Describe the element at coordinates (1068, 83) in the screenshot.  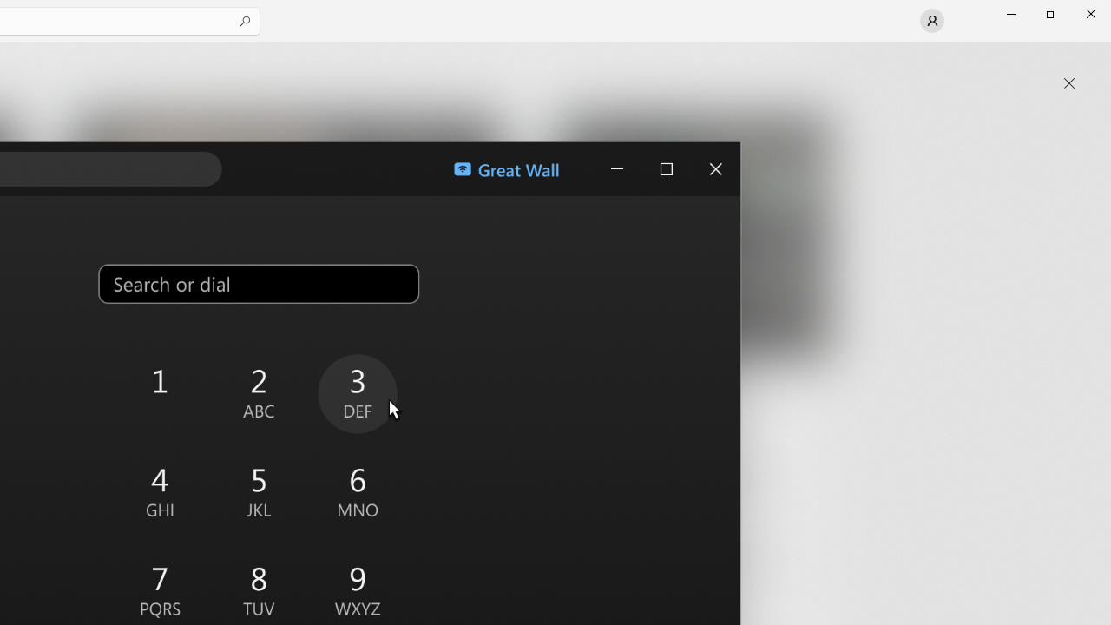
I see `'close popup window'` at that location.